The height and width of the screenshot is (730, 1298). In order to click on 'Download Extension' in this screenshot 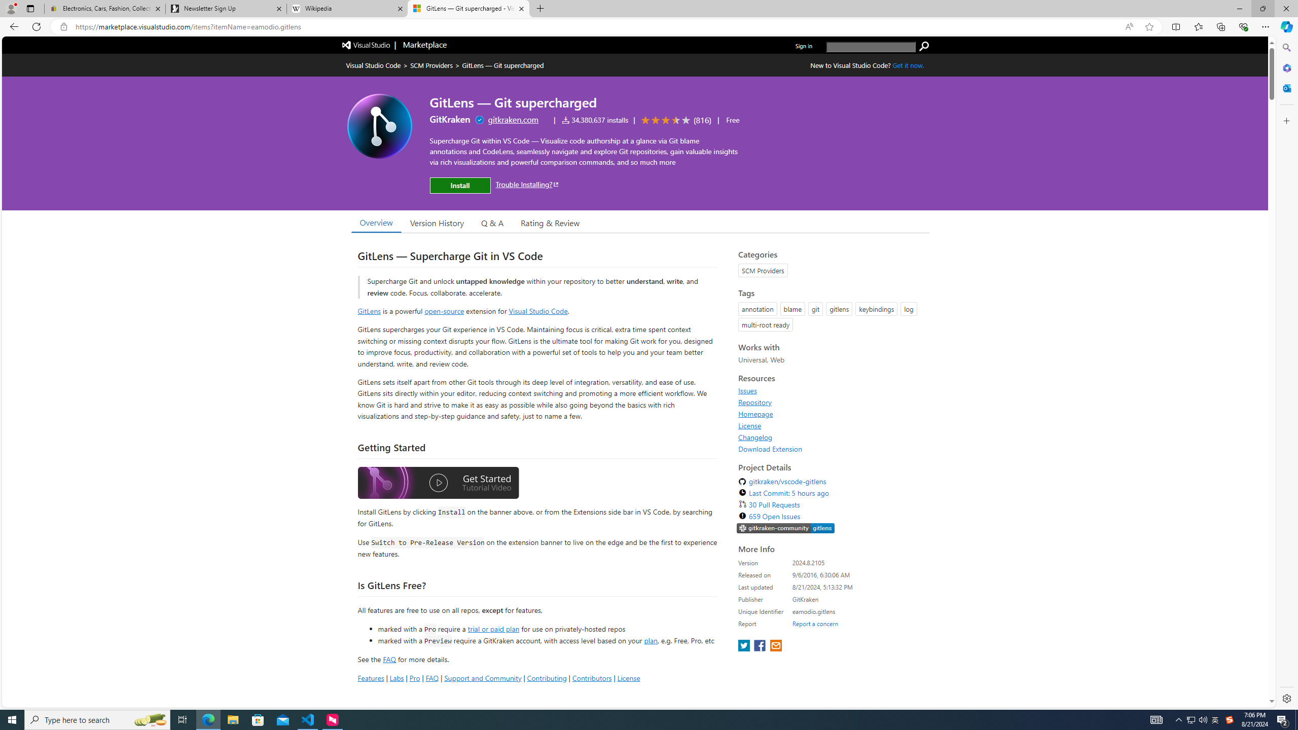, I will do `click(770, 448)`.